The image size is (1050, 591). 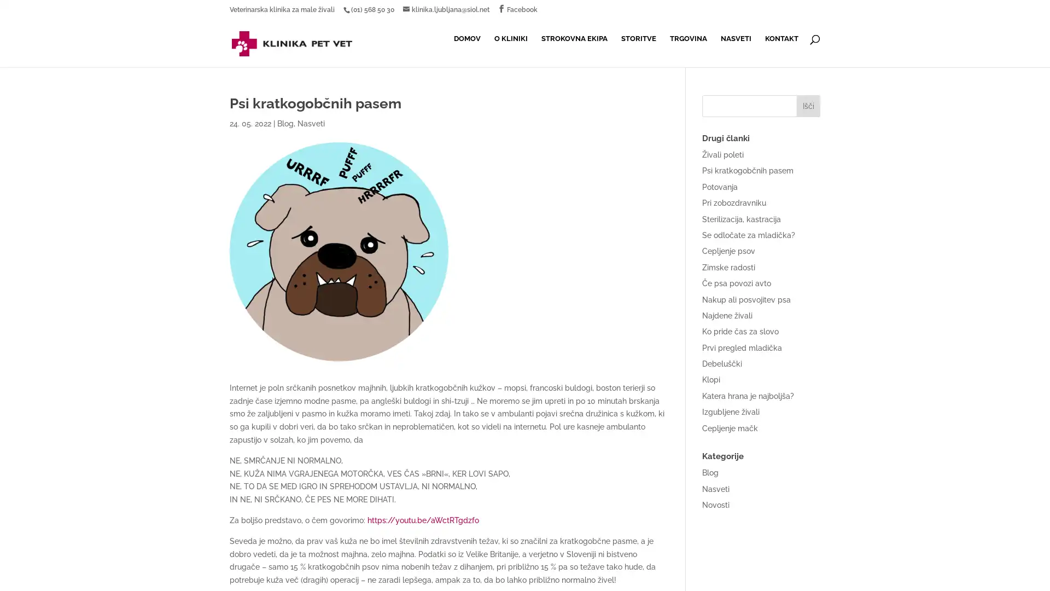 I want to click on Isci, so click(x=808, y=112).